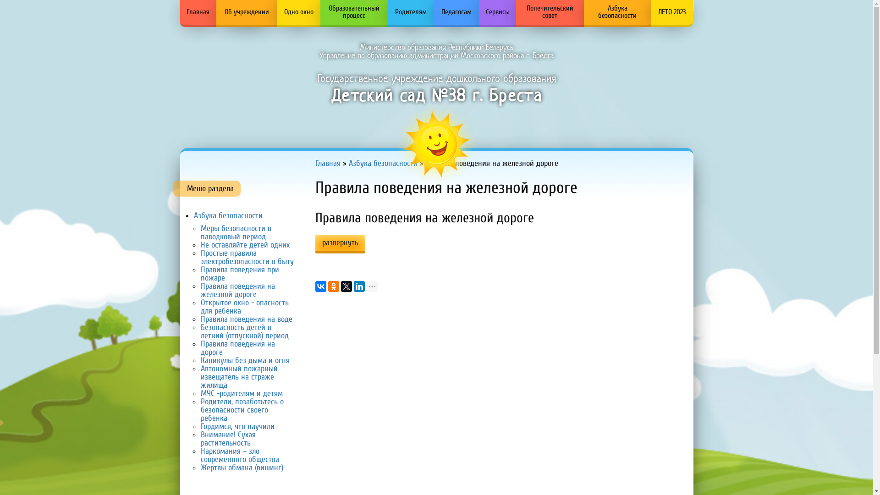  What do you see at coordinates (346, 286) in the screenshot?
I see `'Twitter'` at bounding box center [346, 286].